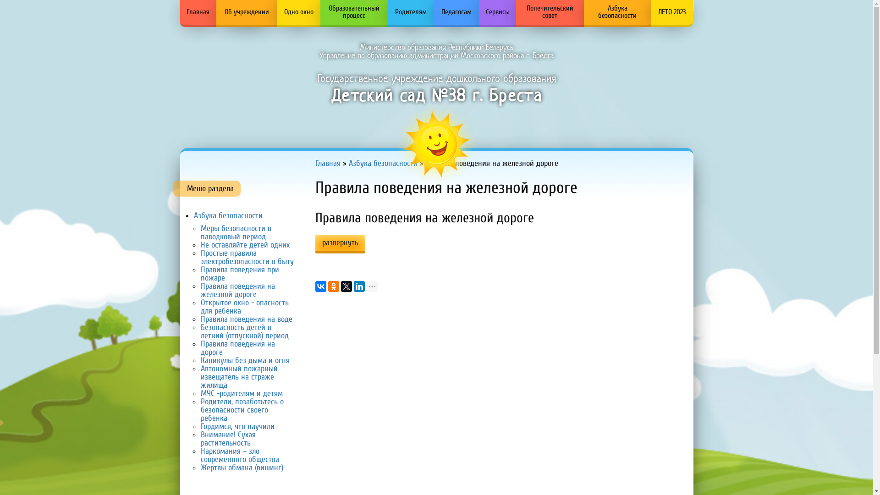  What do you see at coordinates (346, 286) in the screenshot?
I see `'Twitter'` at bounding box center [346, 286].